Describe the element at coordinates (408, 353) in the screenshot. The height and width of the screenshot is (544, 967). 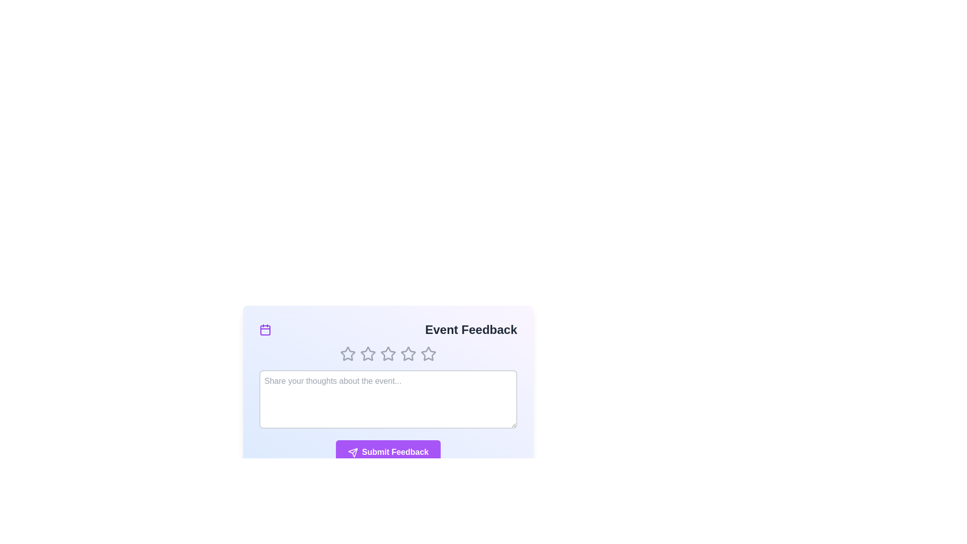
I see `the second star in the rating section` at that location.